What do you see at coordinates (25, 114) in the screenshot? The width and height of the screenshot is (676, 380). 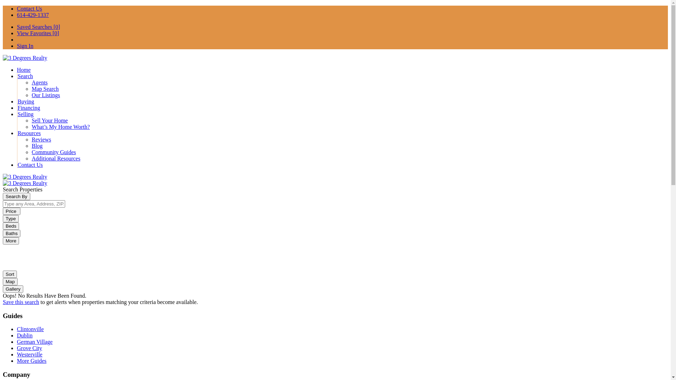 I see `'Selling'` at bounding box center [25, 114].